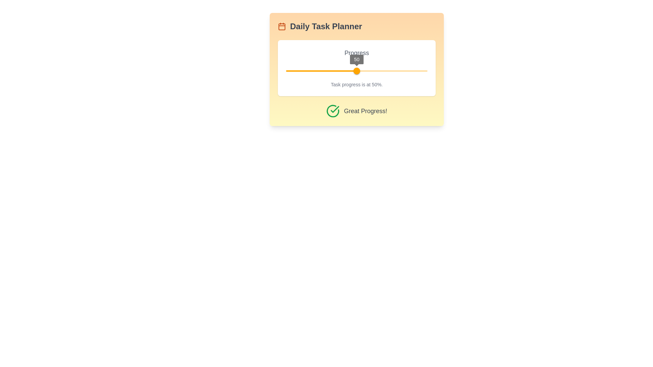 Image resolution: width=653 pixels, height=367 pixels. I want to click on the progress value, so click(331, 71).